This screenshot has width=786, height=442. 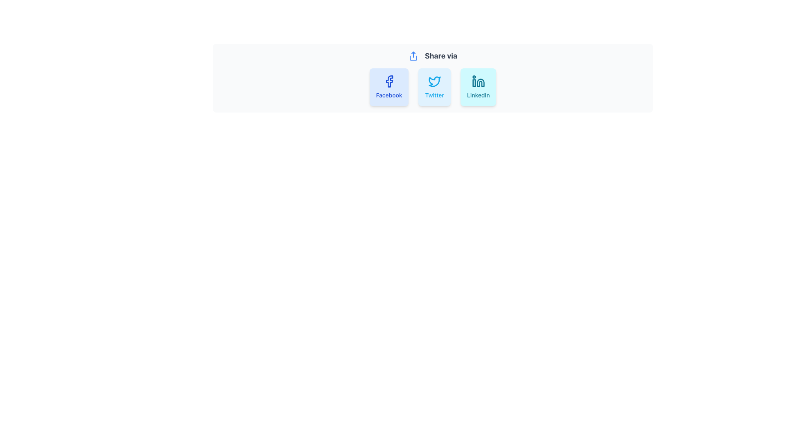 What do you see at coordinates (478, 87) in the screenshot?
I see `the LinkedIn share button, which is the third button in a horizontal group of social media sharing buttons` at bounding box center [478, 87].